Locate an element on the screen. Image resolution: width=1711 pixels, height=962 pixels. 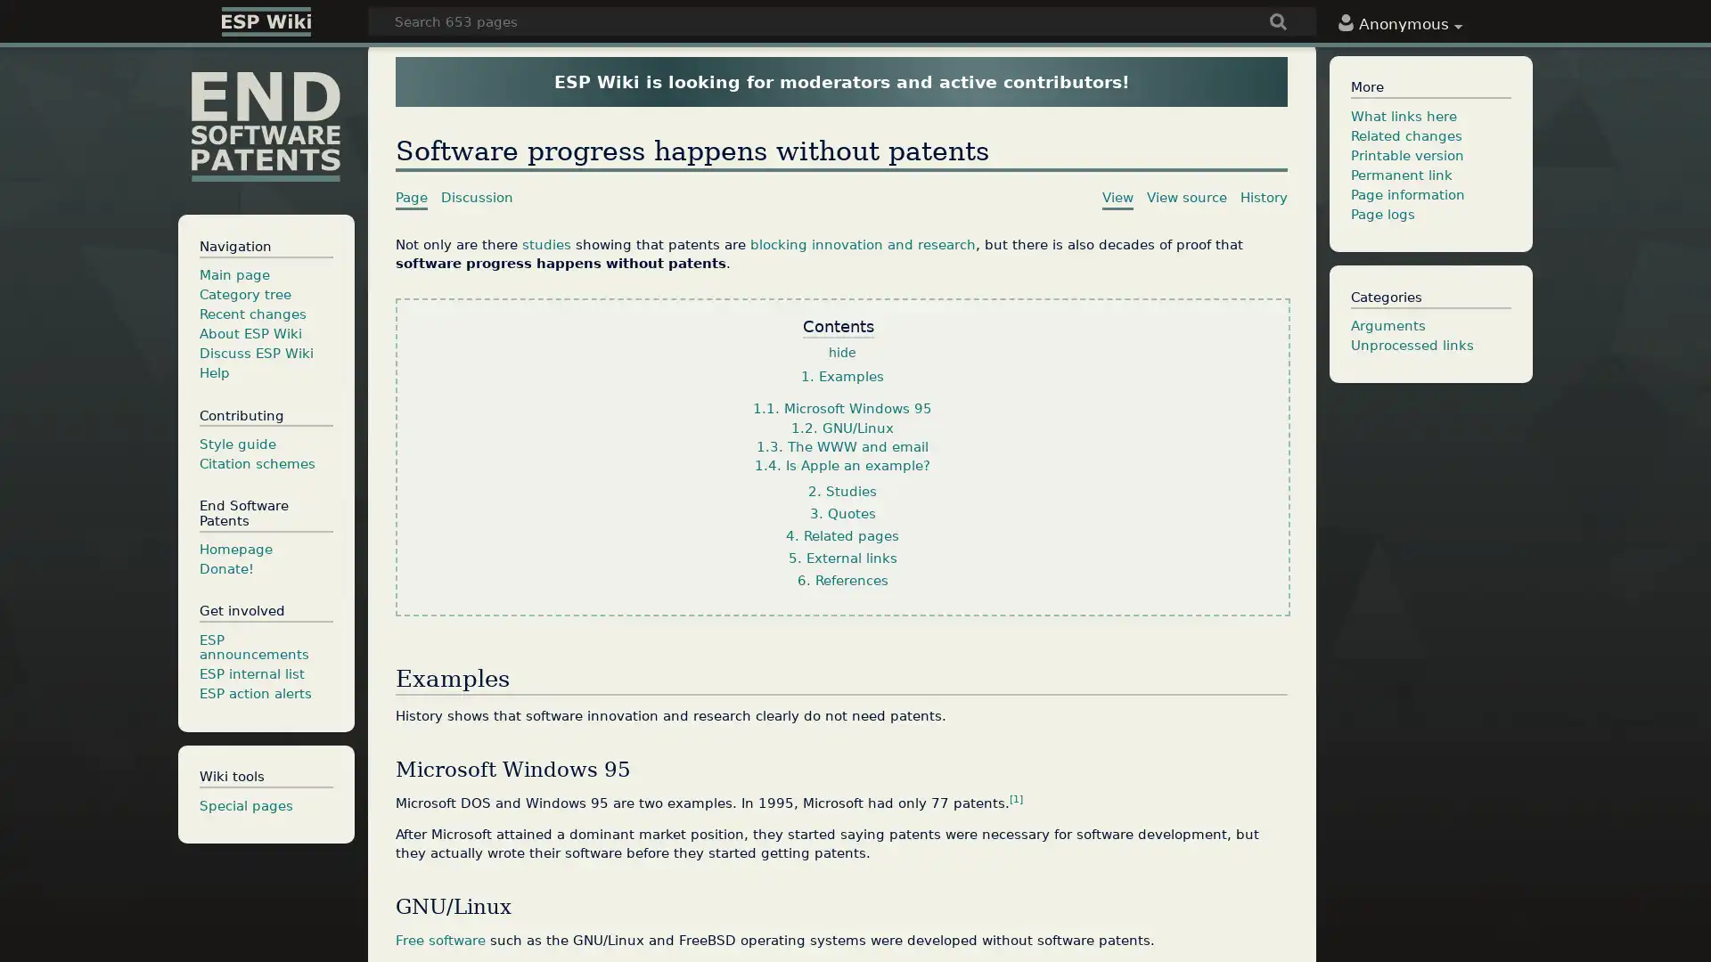
Go is located at coordinates (1278, 23).